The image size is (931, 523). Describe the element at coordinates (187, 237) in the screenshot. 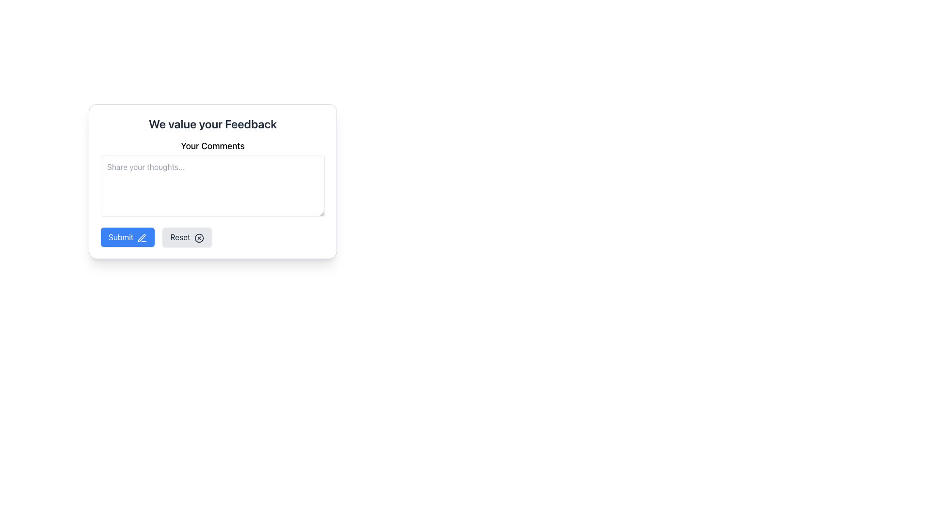

I see `the reset button located to the right of the blue 'Submit' button within the form section below the 'Your Comments' text area` at that location.